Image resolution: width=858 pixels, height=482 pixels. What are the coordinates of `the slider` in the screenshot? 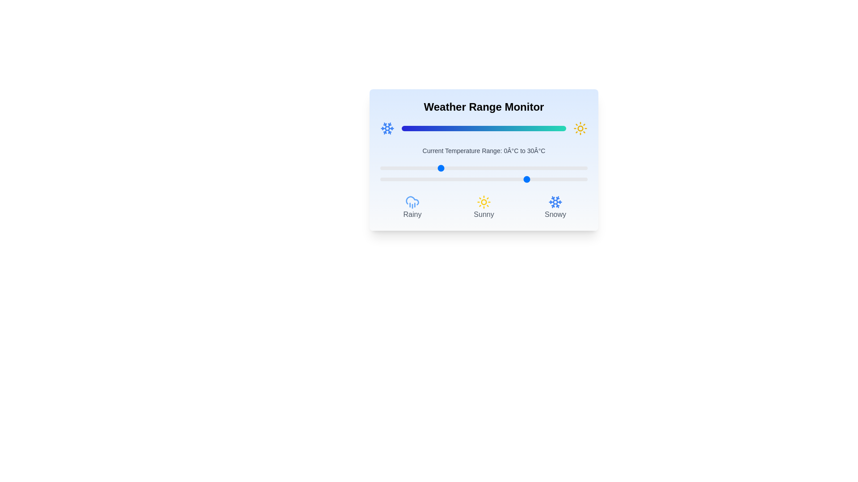 It's located at (484, 168).